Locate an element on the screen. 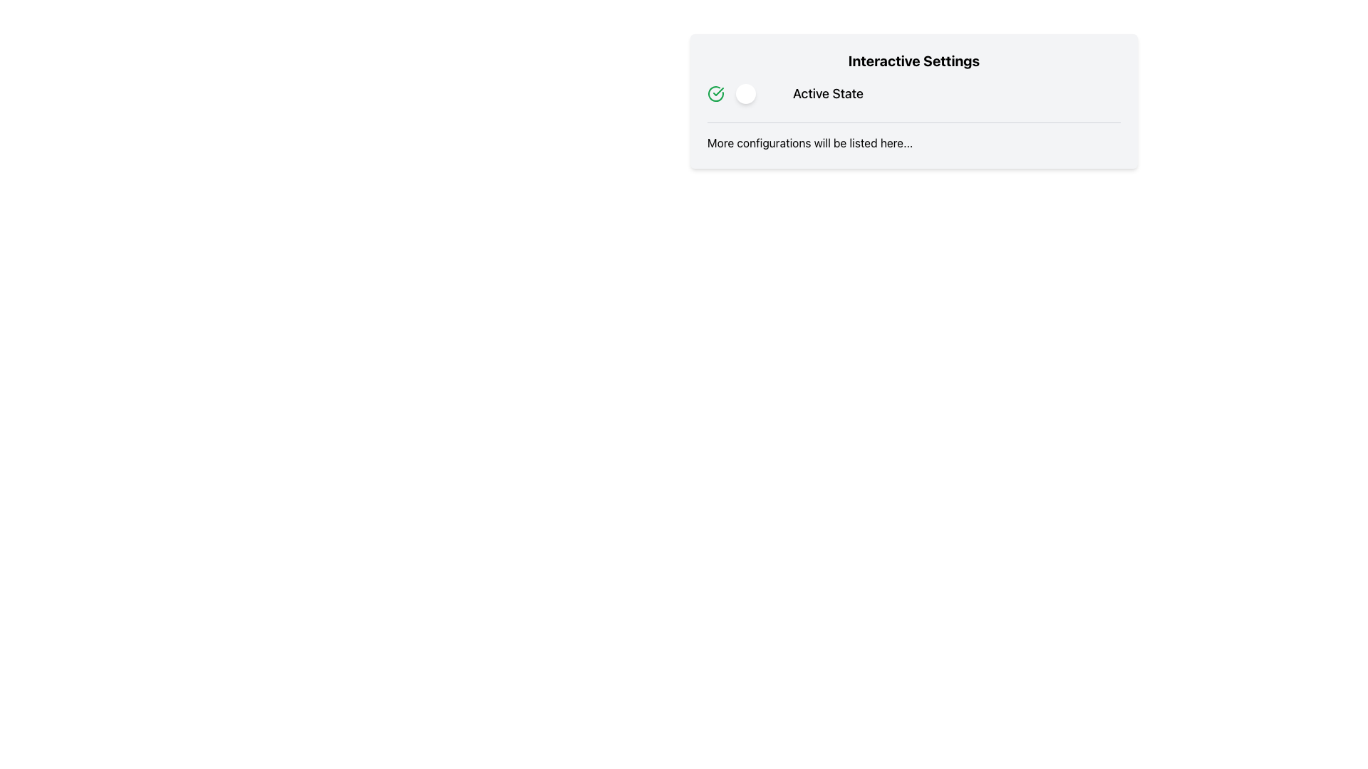  the success status graphic element represented by a small circle icon adjacent to the 'Active State' text, located in the top-left corner of the 'Interactive Settings' panel is located at coordinates (718, 91).